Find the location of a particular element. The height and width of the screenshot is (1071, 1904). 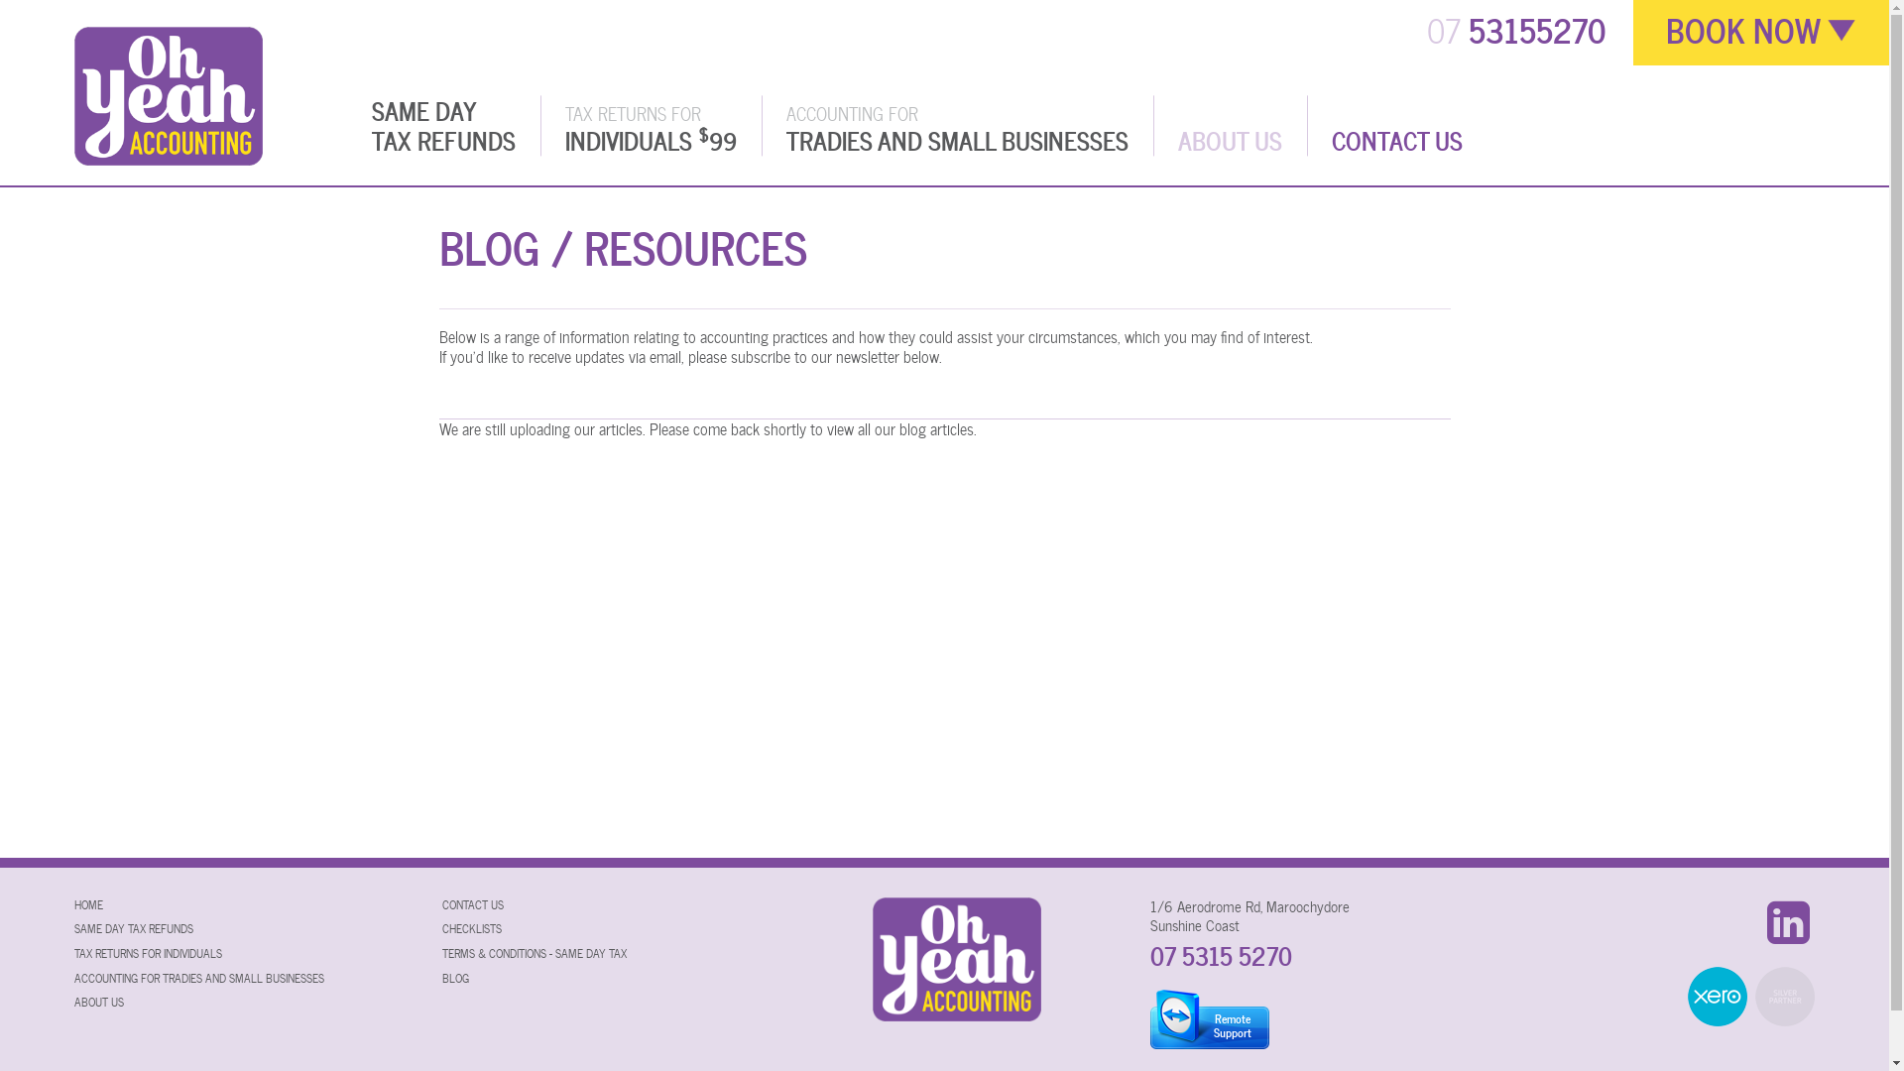

'CONTACT US' is located at coordinates (1396, 139).